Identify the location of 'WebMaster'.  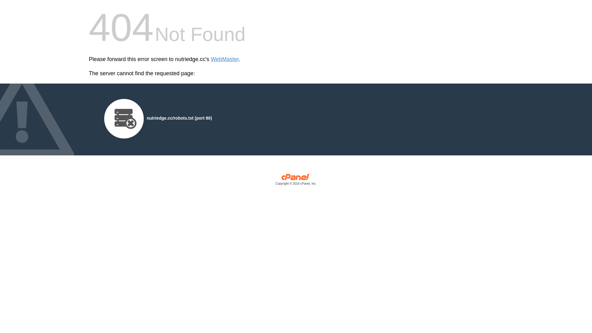
(211, 59).